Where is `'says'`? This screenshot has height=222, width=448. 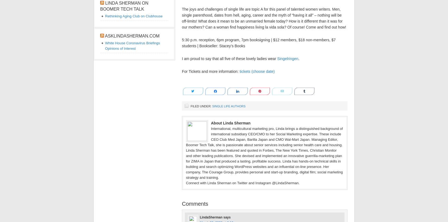 'says' is located at coordinates (227, 217).